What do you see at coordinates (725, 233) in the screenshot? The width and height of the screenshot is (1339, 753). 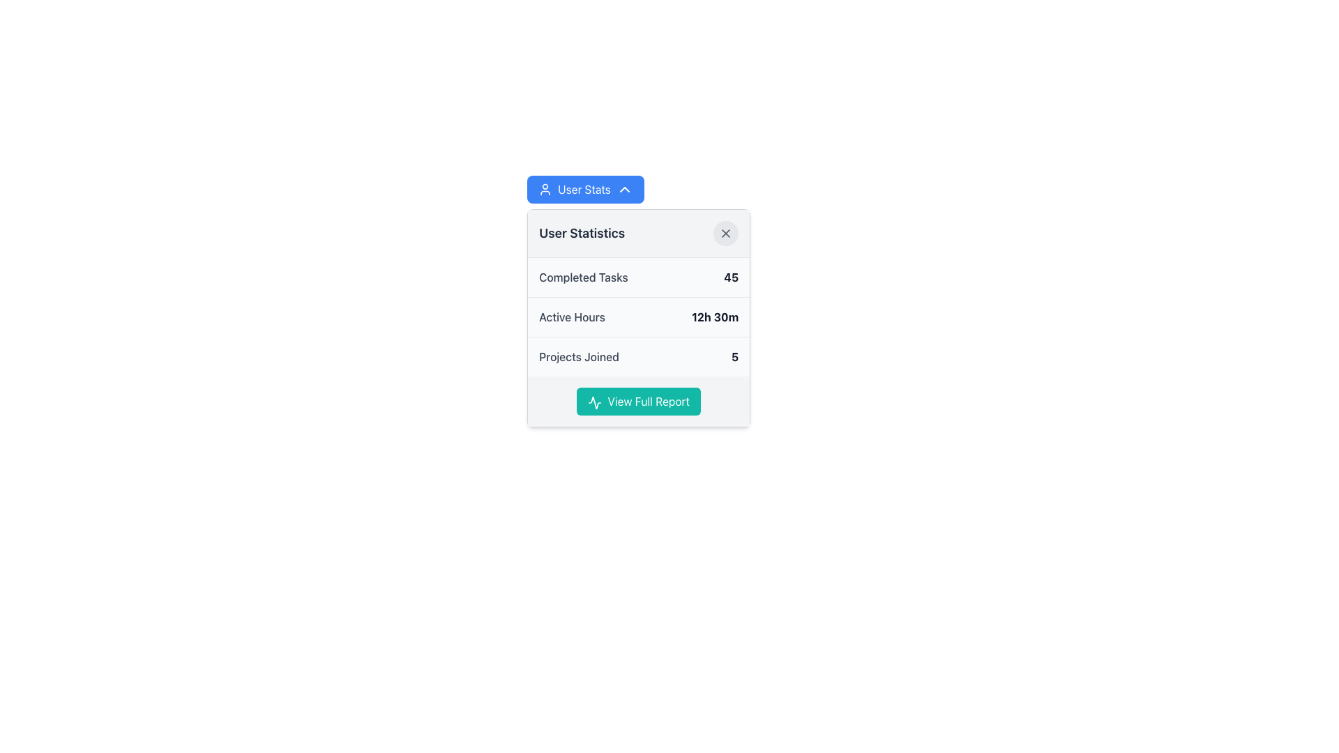 I see `the visual state of the close button icon, represented as an 'X' in gray color, located in the top-right corner of the 'User Statistics' panel within a circular light gray background` at bounding box center [725, 233].